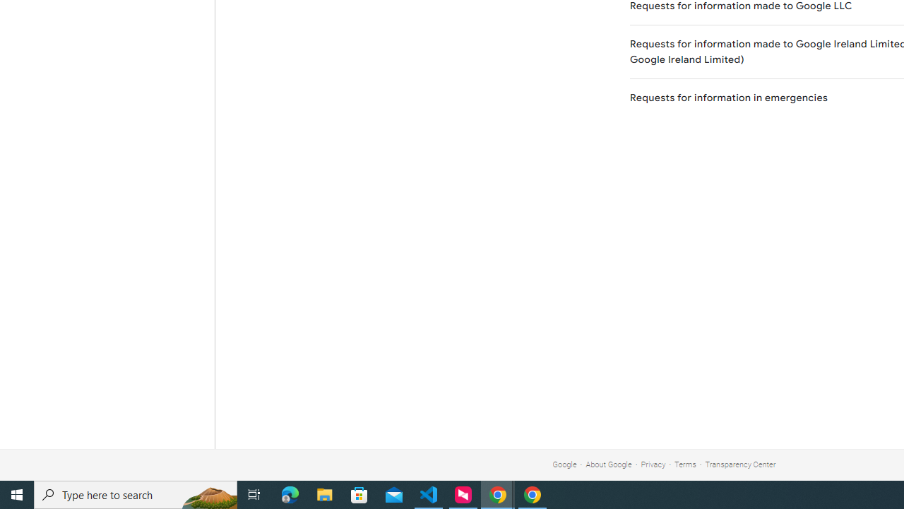 This screenshot has width=904, height=509. What do you see at coordinates (564, 464) in the screenshot?
I see `'Google'` at bounding box center [564, 464].